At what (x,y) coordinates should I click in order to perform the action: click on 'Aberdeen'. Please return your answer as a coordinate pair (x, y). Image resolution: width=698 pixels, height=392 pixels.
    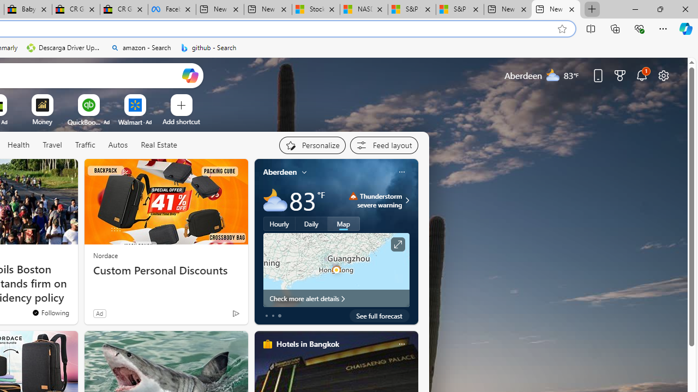
    Looking at the image, I should click on (280, 171).